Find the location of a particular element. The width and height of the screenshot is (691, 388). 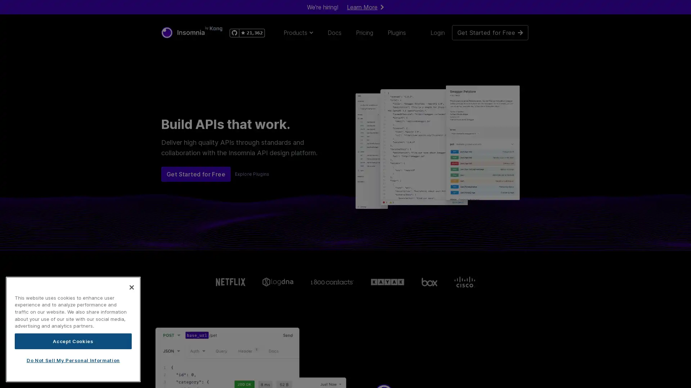

Close is located at coordinates (131, 286).